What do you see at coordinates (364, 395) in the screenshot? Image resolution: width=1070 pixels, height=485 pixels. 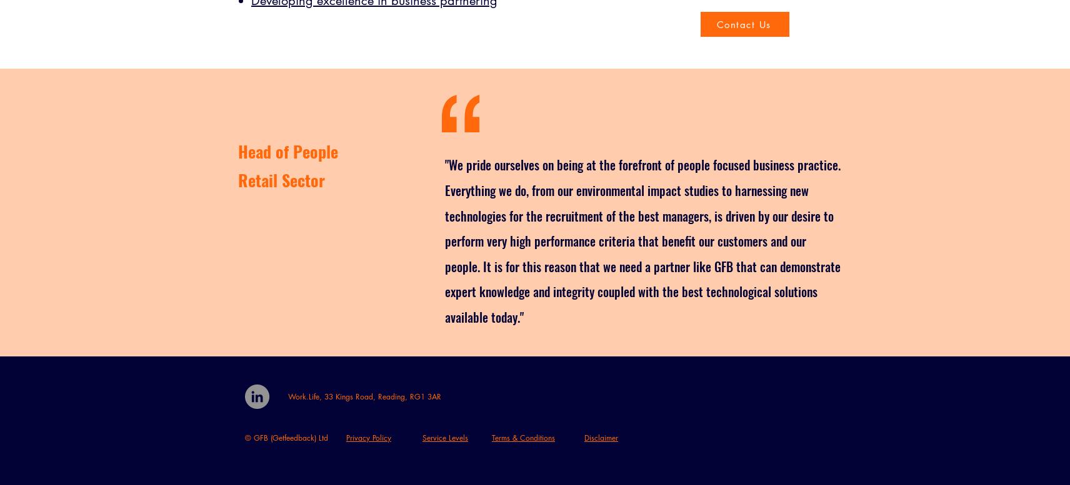 I see `'Work.Life, 33 Kings Road, Reading, RG1 3AR'` at bounding box center [364, 395].